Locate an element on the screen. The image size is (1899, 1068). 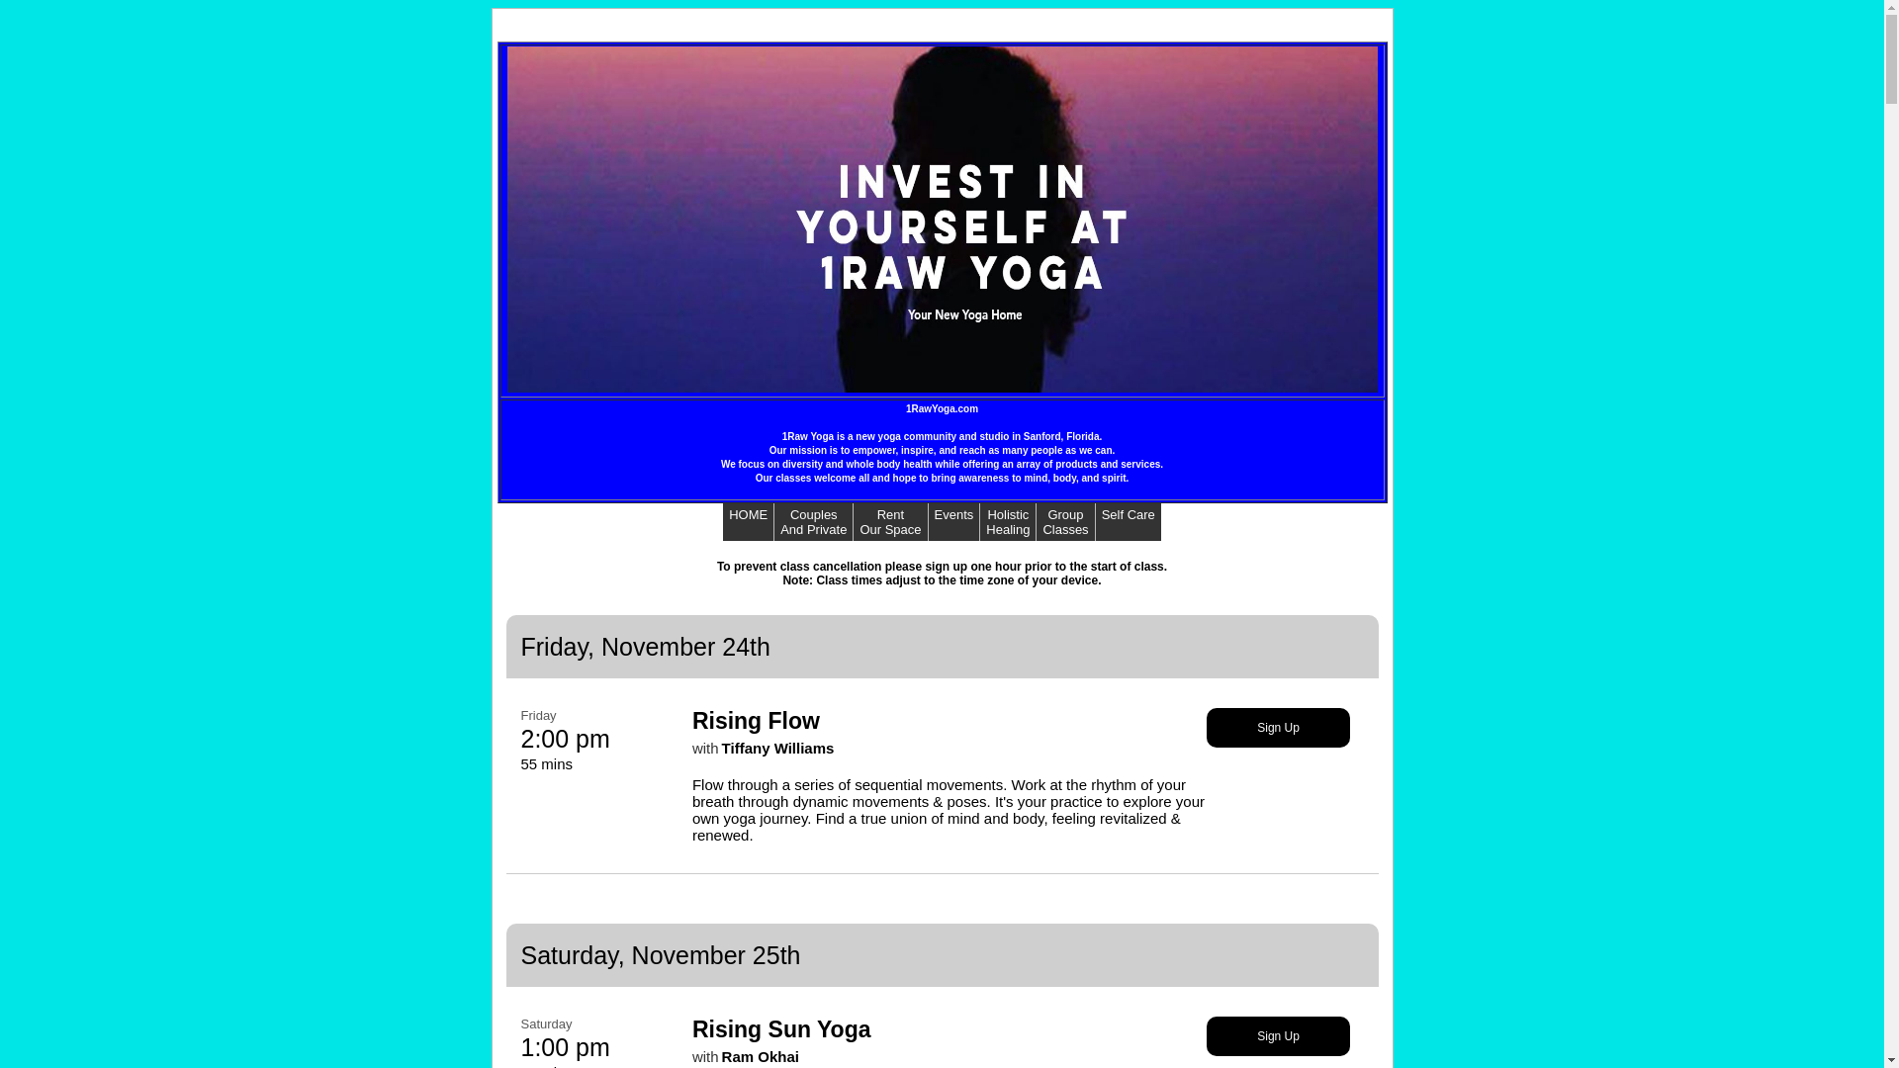
'Self Care' is located at coordinates (1129, 513).